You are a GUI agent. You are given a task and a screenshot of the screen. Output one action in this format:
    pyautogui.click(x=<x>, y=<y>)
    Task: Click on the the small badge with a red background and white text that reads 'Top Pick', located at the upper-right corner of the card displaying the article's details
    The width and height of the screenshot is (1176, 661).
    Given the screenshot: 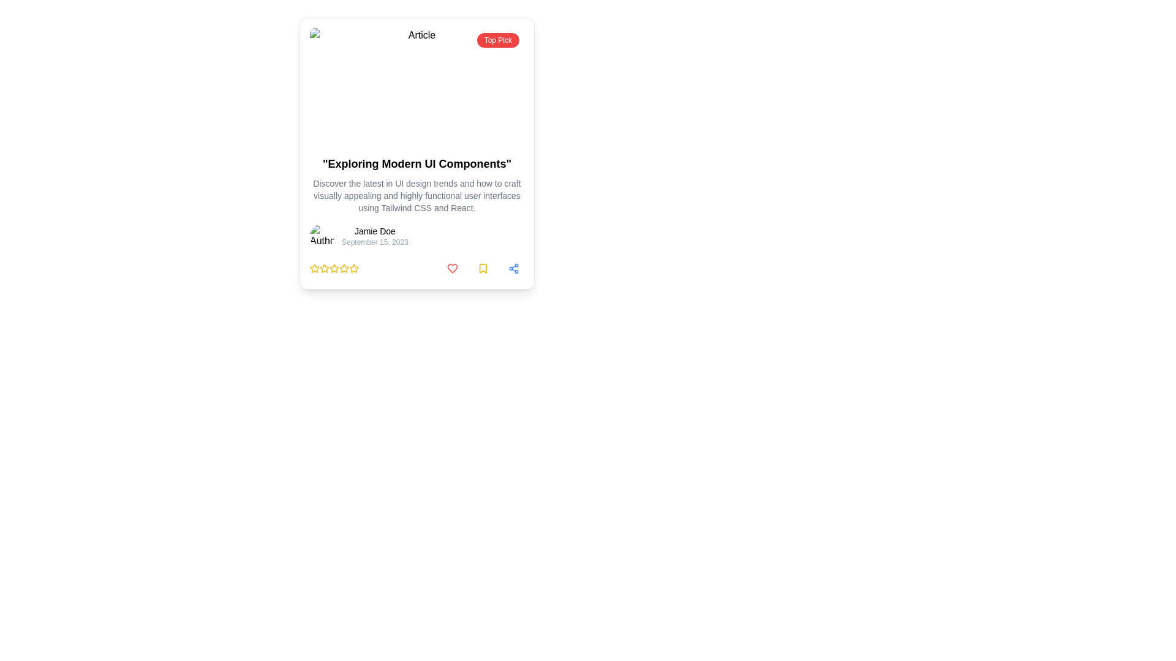 What is the action you would take?
    pyautogui.click(x=498, y=39)
    